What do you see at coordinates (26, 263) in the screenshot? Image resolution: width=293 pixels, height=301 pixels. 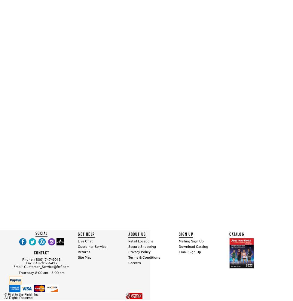 I see `'Fax: 618-307-5427'` at bounding box center [26, 263].